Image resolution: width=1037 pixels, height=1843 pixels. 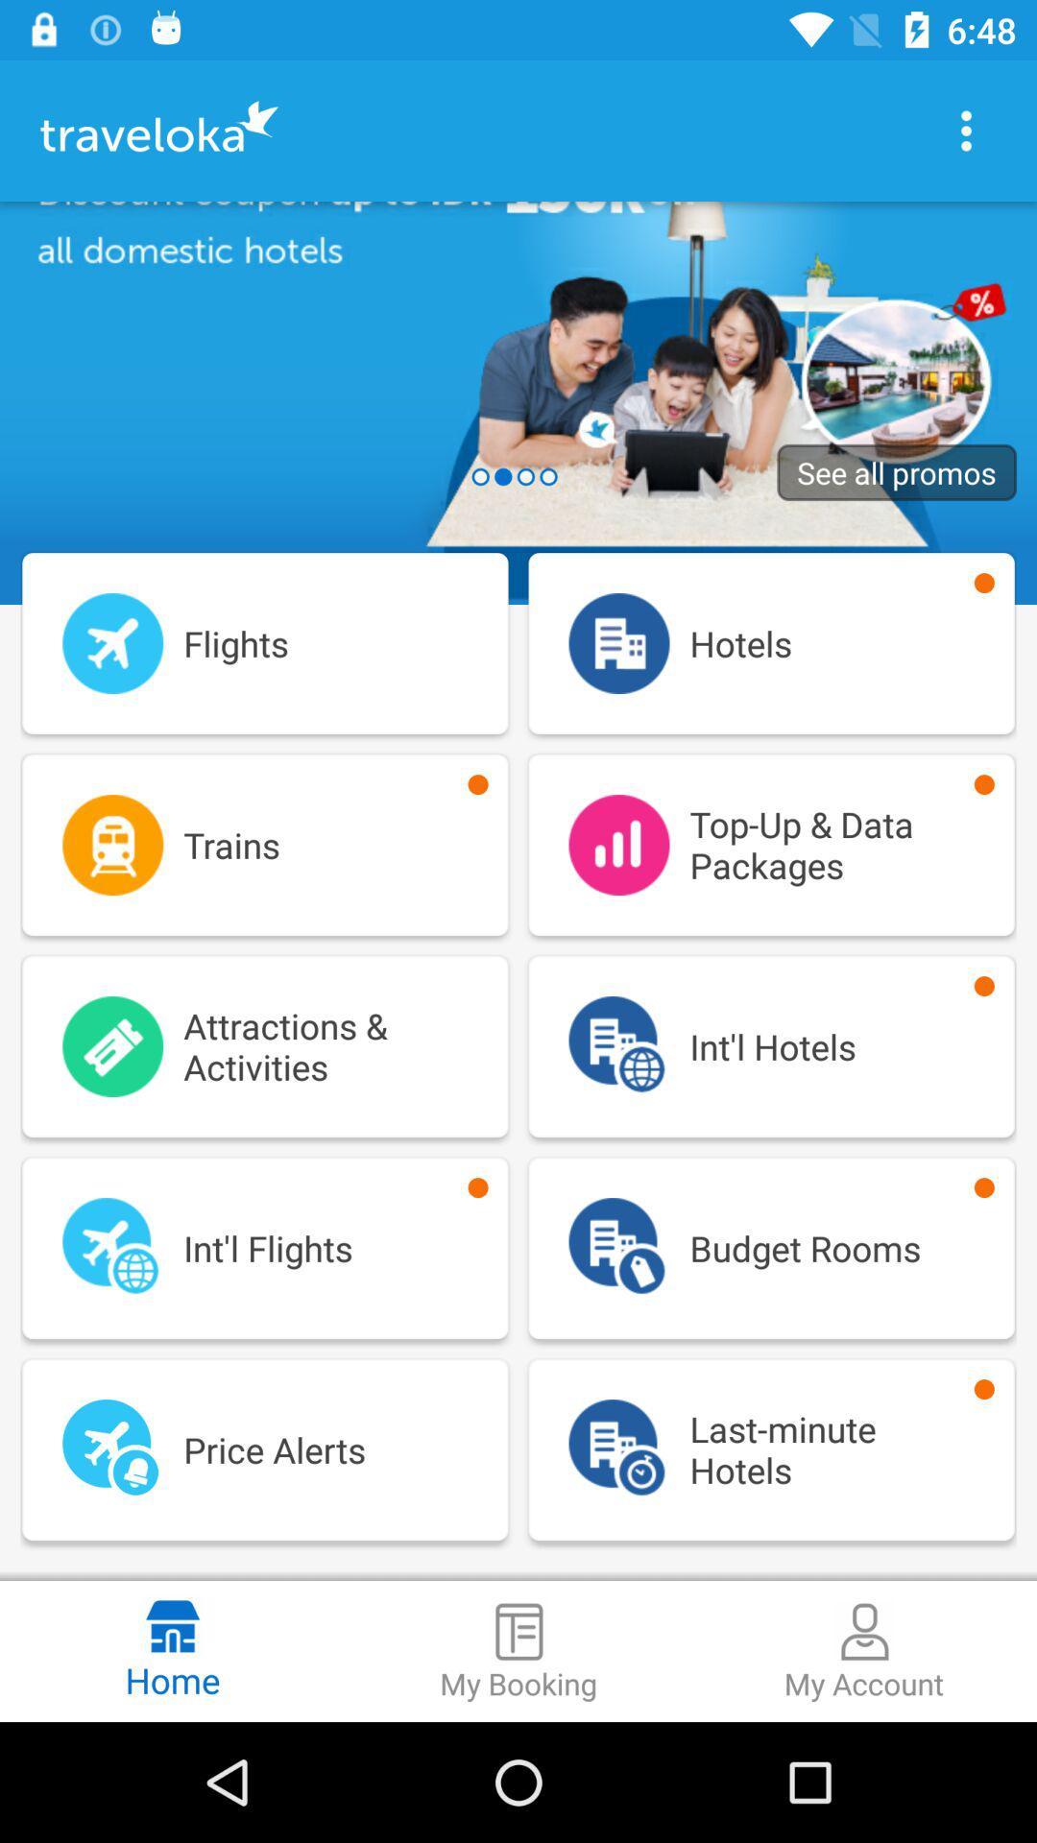 I want to click on options, so click(x=966, y=130).